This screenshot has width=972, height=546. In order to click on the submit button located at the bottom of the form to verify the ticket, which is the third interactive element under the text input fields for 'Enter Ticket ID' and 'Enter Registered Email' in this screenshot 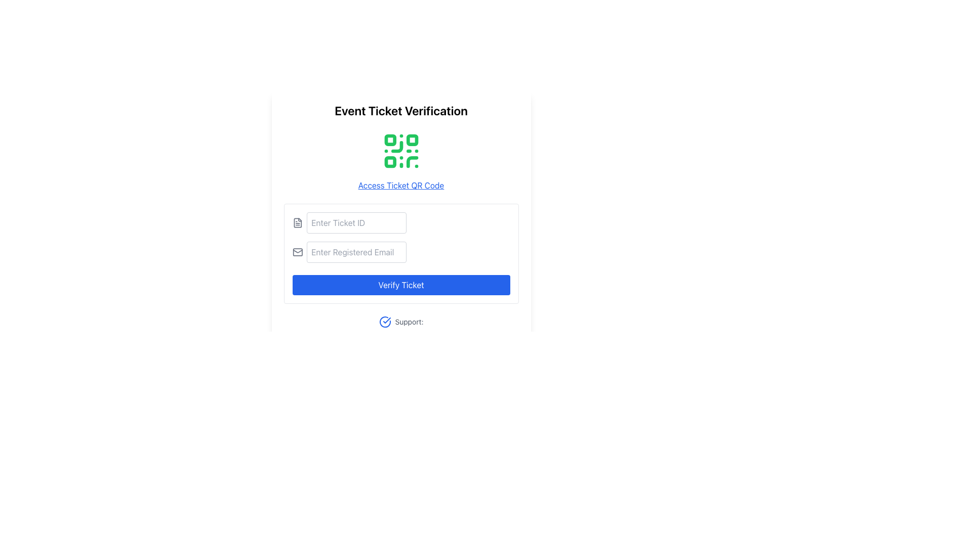, I will do `click(400, 285)`.